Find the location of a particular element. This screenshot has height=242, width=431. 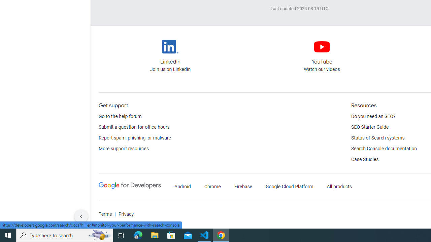

'Firebase' is located at coordinates (243, 187).